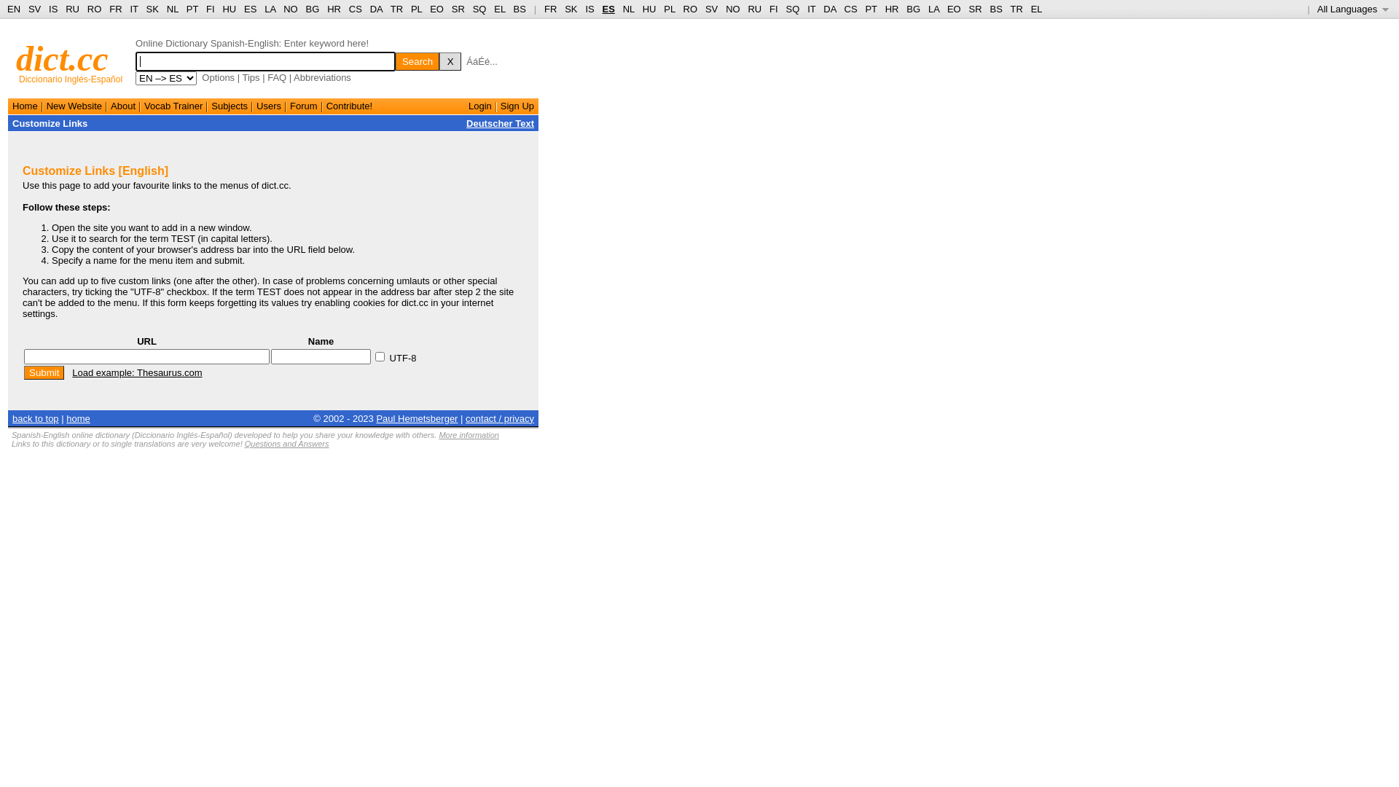 The width and height of the screenshot is (1399, 787). I want to click on 'All Languages ', so click(1352, 9).